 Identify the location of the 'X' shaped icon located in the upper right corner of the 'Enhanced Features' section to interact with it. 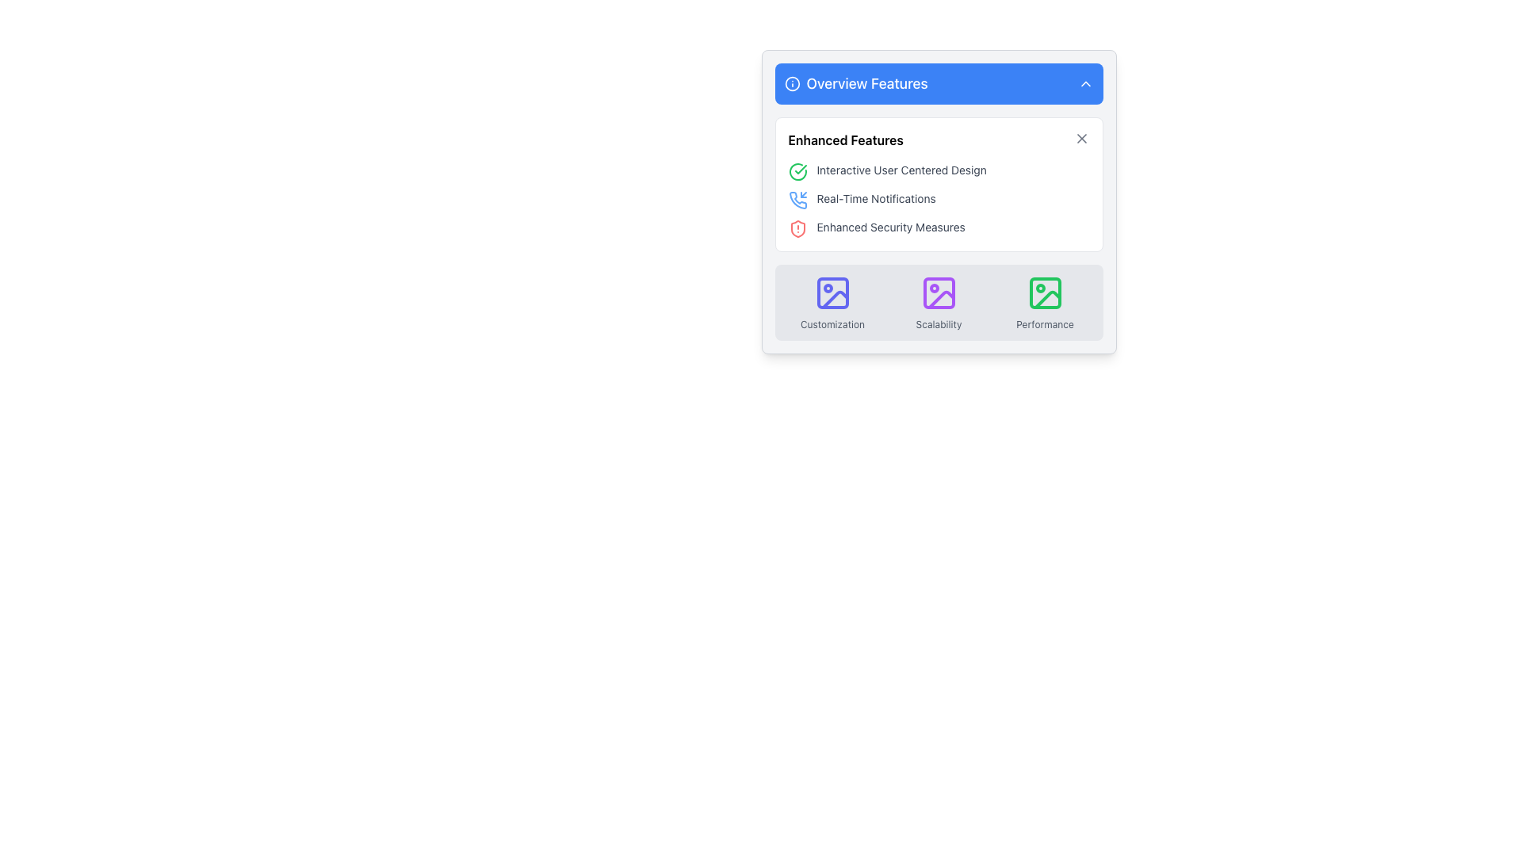
(1080, 137).